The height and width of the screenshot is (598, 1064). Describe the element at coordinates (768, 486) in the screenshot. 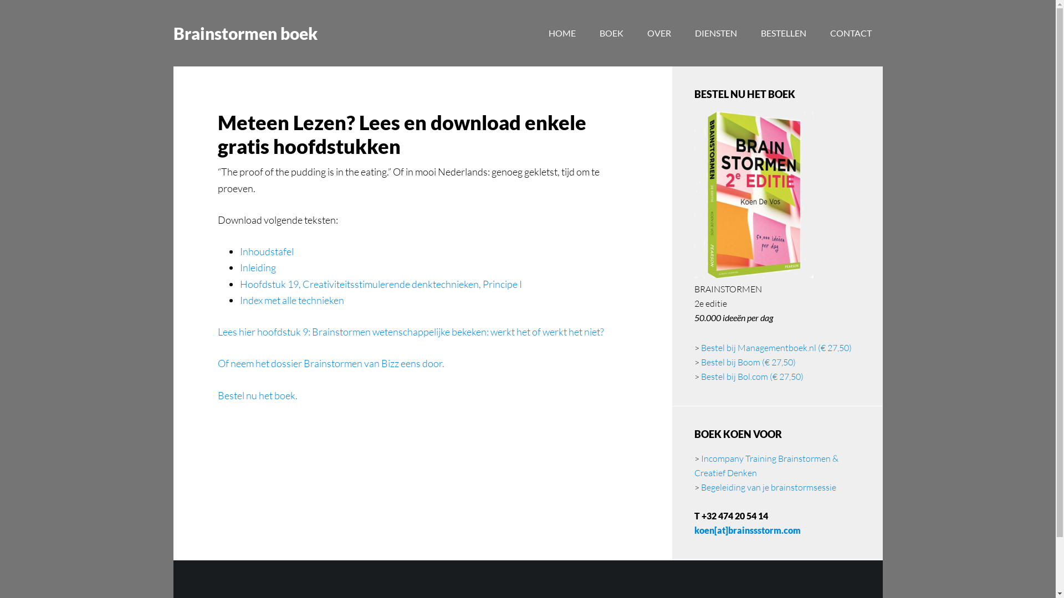

I see `'Begeleiding van je brainstormsessie'` at that location.